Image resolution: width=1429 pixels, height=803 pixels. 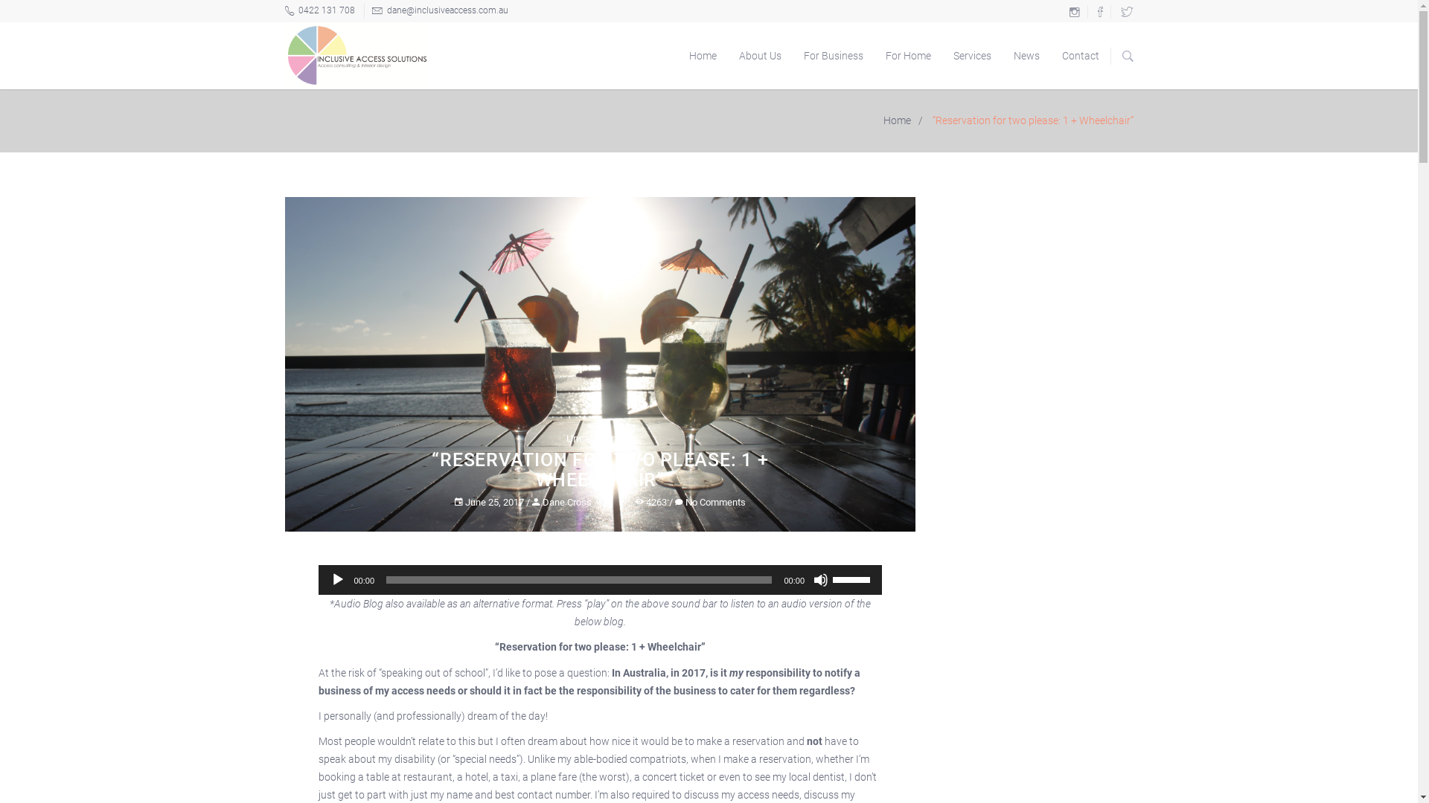 I want to click on 'Dane Cross', so click(x=560, y=502).